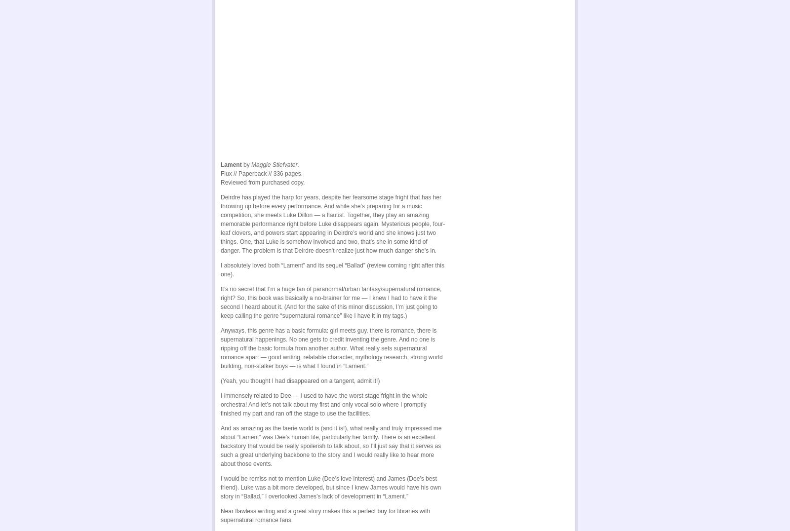 This screenshot has width=790, height=531. I want to click on '(Yeah, you thought I had disappeared on a tangent, admit it!)', so click(220, 379).